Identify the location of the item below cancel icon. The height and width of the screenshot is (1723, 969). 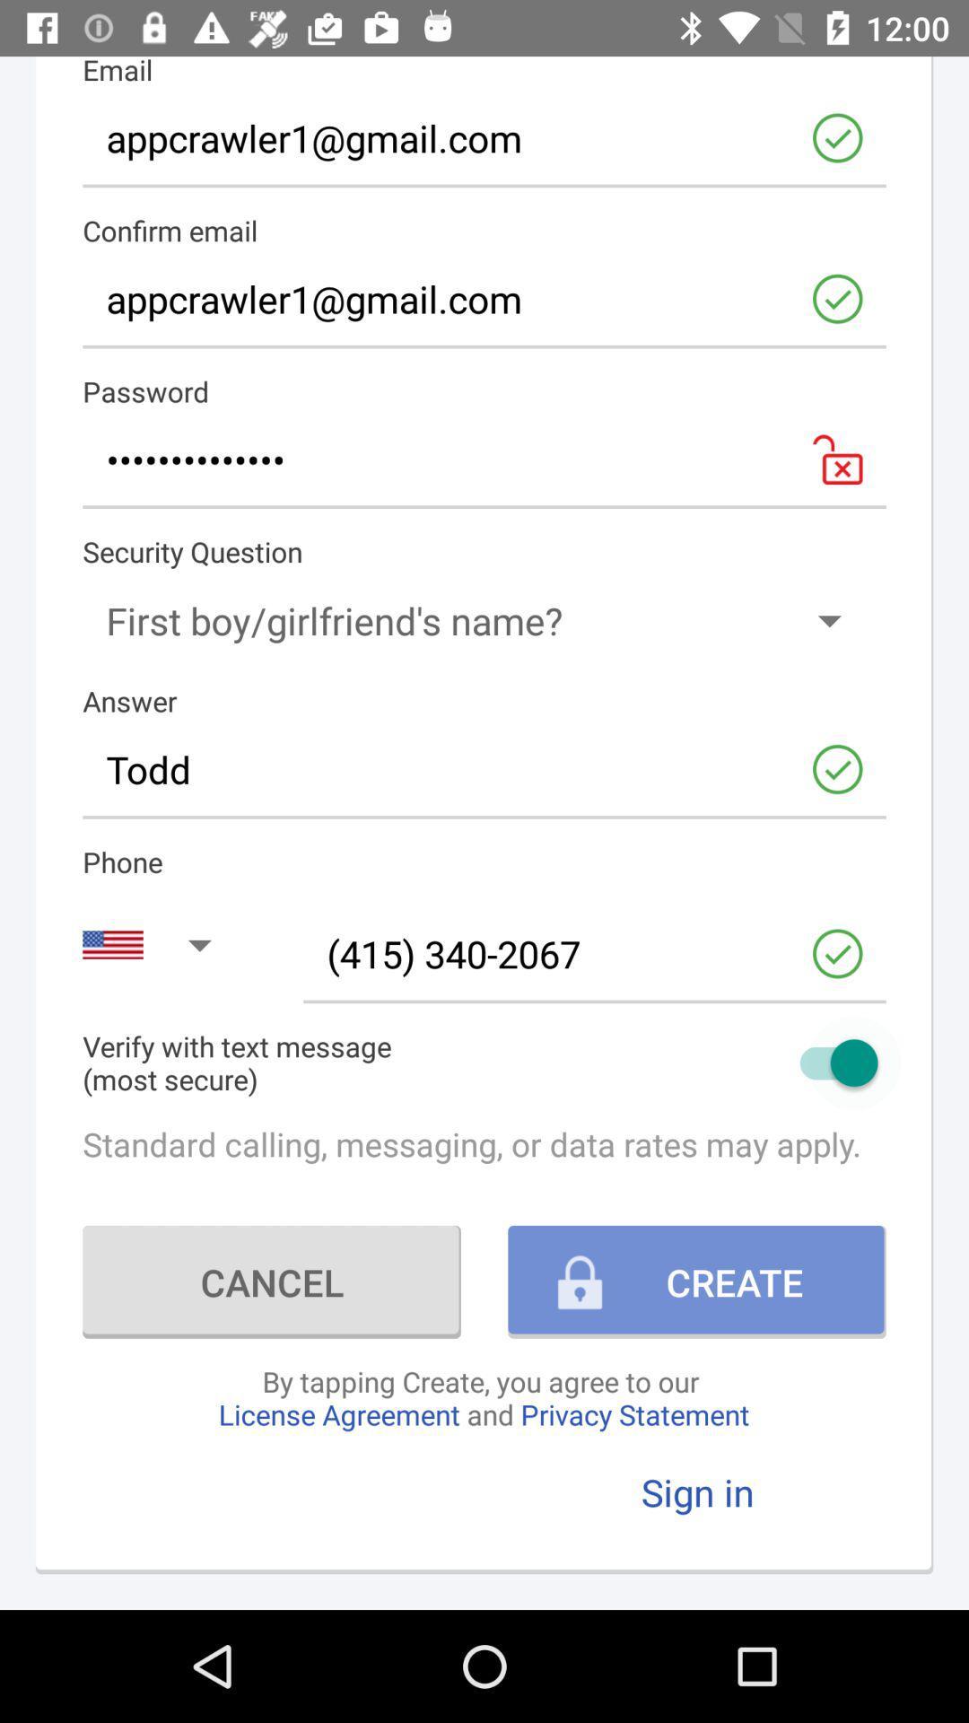
(483, 1396).